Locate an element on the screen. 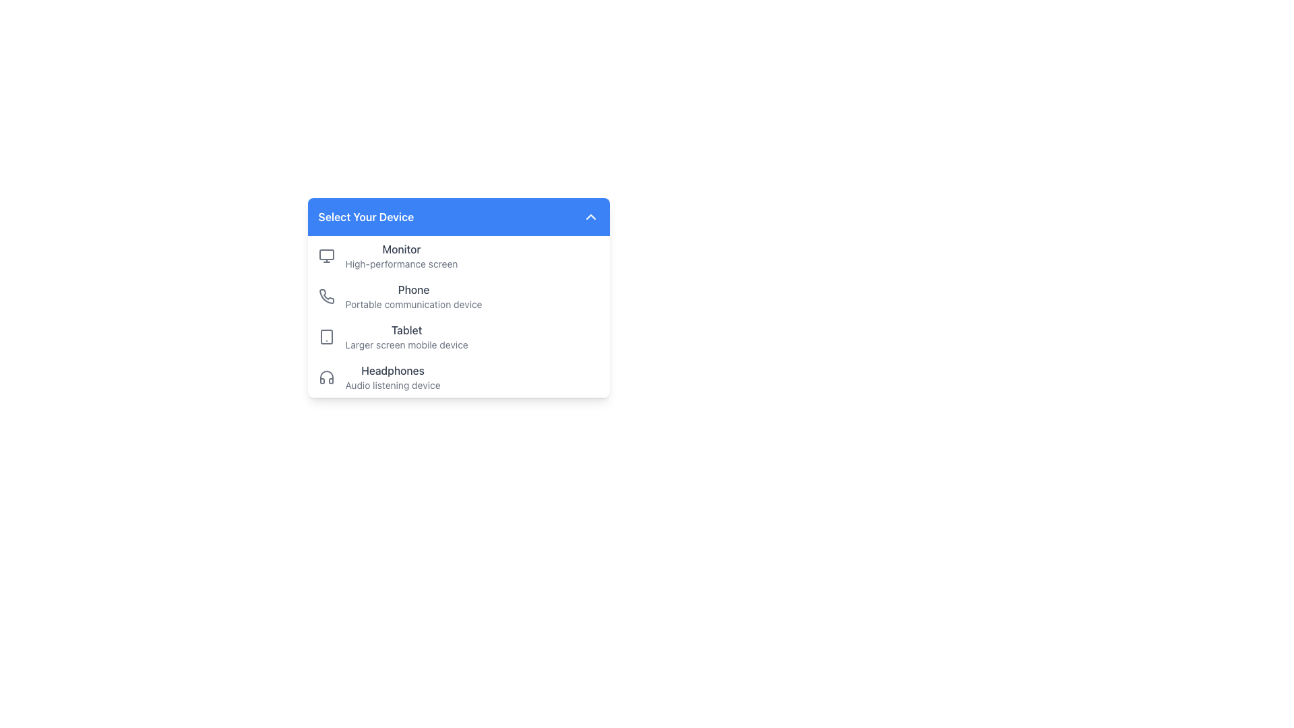 This screenshot has height=728, width=1294. the fourth selectable list item labeled 'Headphones' under 'Select Your Device' is located at coordinates (458, 377).